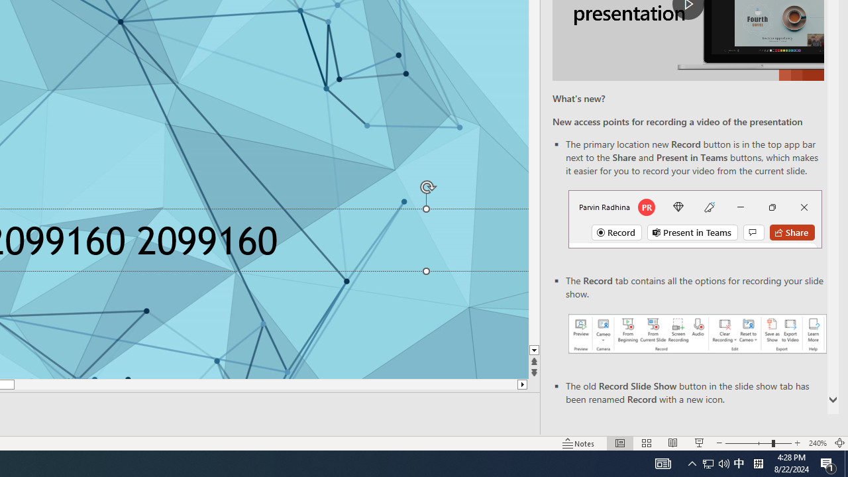 The height and width of the screenshot is (477, 848). I want to click on 'Notes ', so click(579, 443).